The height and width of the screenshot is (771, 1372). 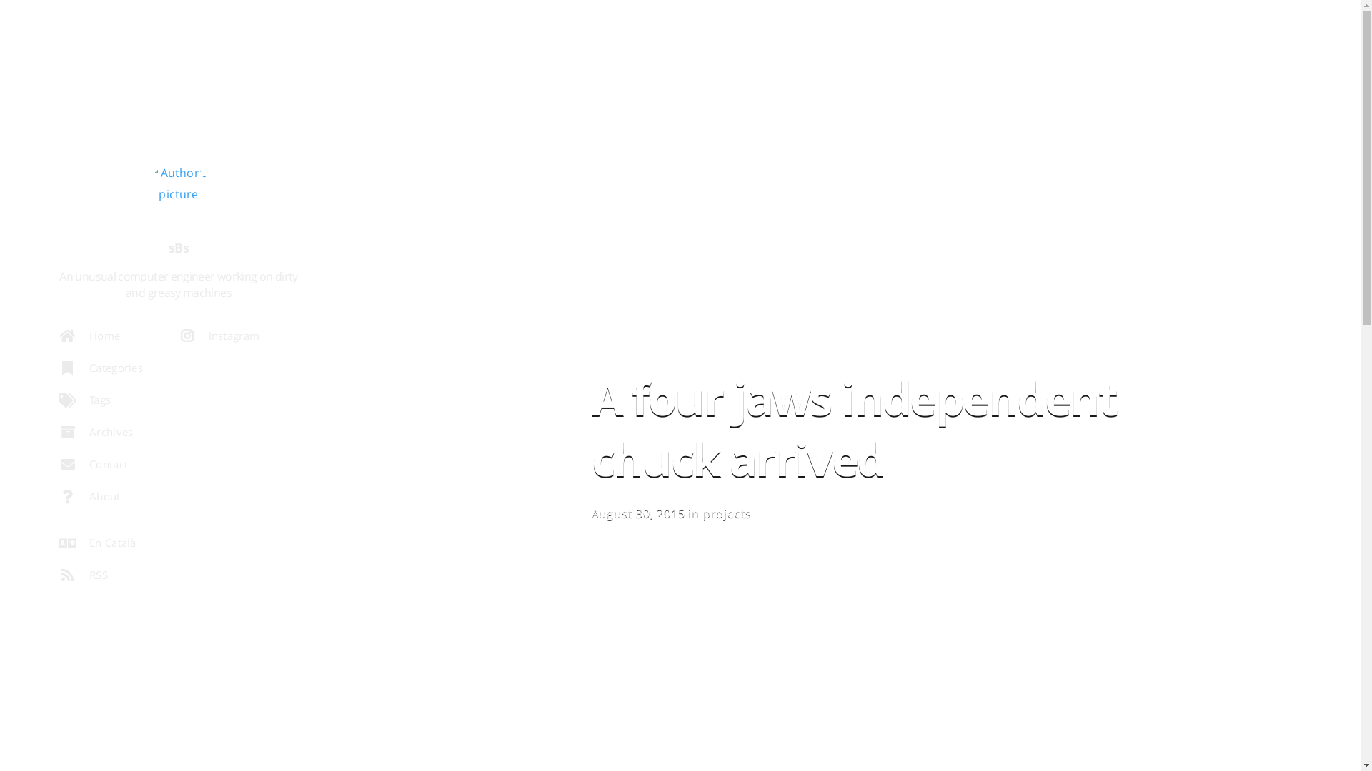 What do you see at coordinates (702, 512) in the screenshot?
I see `'projects'` at bounding box center [702, 512].